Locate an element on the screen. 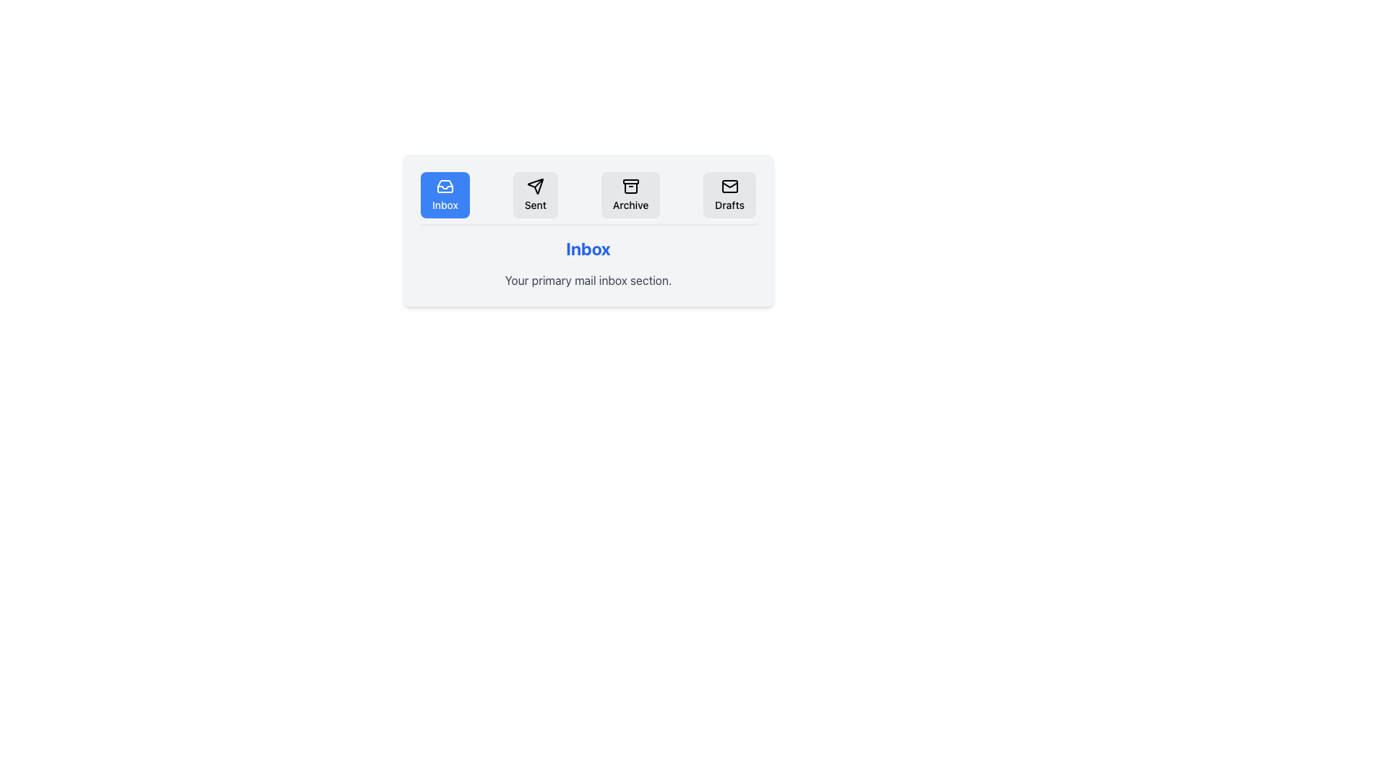 The image size is (1388, 781). the navigational button for accessing the 'Drafts' section of the application to redirect to the drafts page is located at coordinates (729, 195).